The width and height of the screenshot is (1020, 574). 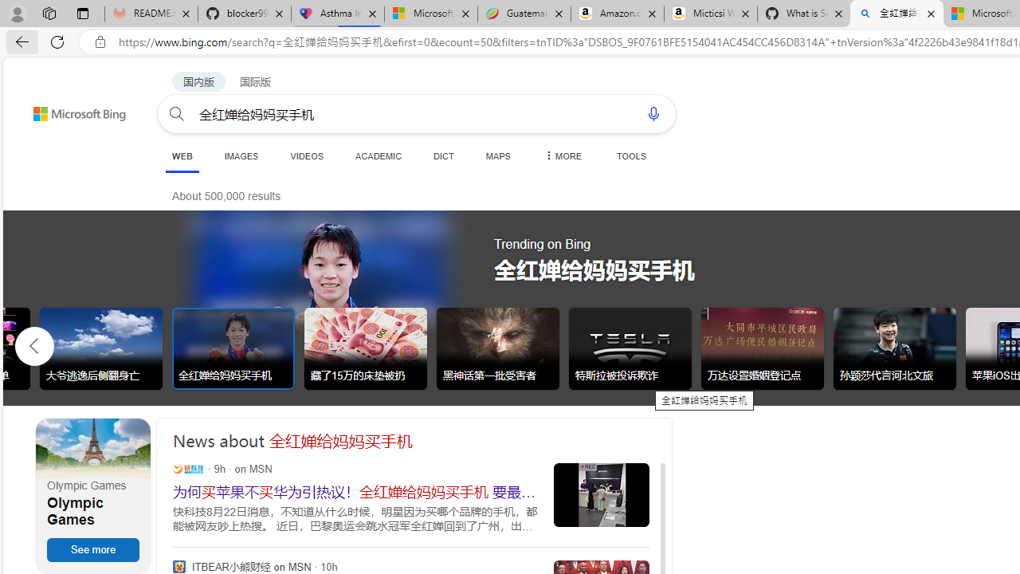 I want to click on 'Dropdown Menu', so click(x=562, y=155).